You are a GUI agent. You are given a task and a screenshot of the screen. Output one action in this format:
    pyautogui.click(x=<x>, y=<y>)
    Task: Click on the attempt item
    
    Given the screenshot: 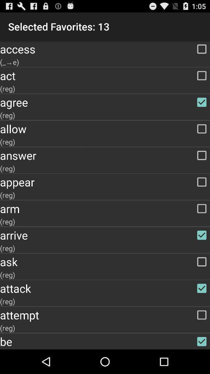 What is the action you would take?
    pyautogui.click(x=105, y=315)
    